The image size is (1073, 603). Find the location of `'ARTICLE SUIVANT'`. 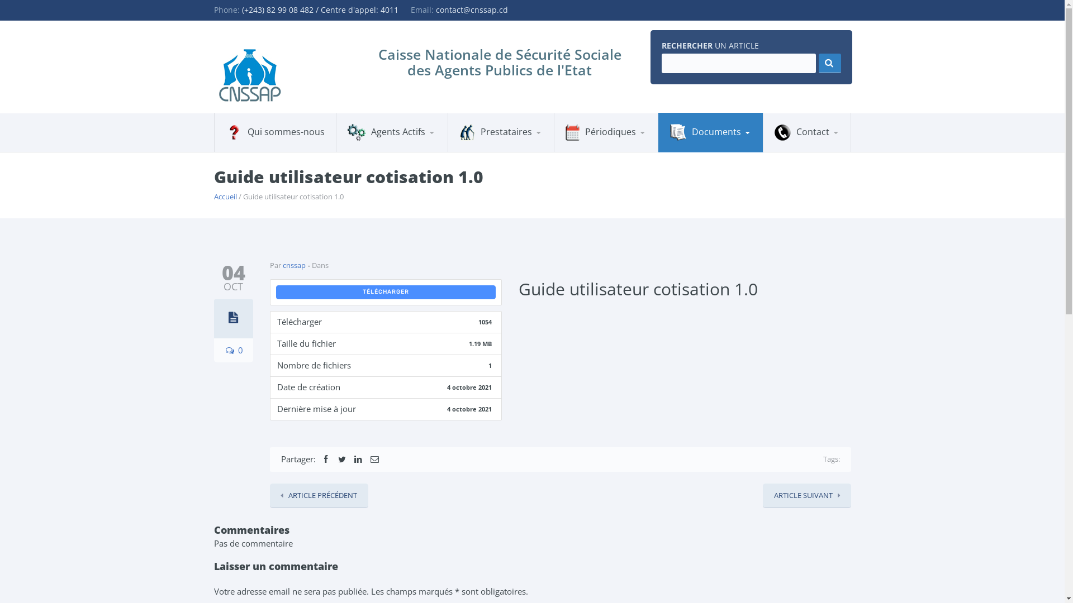

'ARTICLE SUIVANT' is located at coordinates (806, 494).